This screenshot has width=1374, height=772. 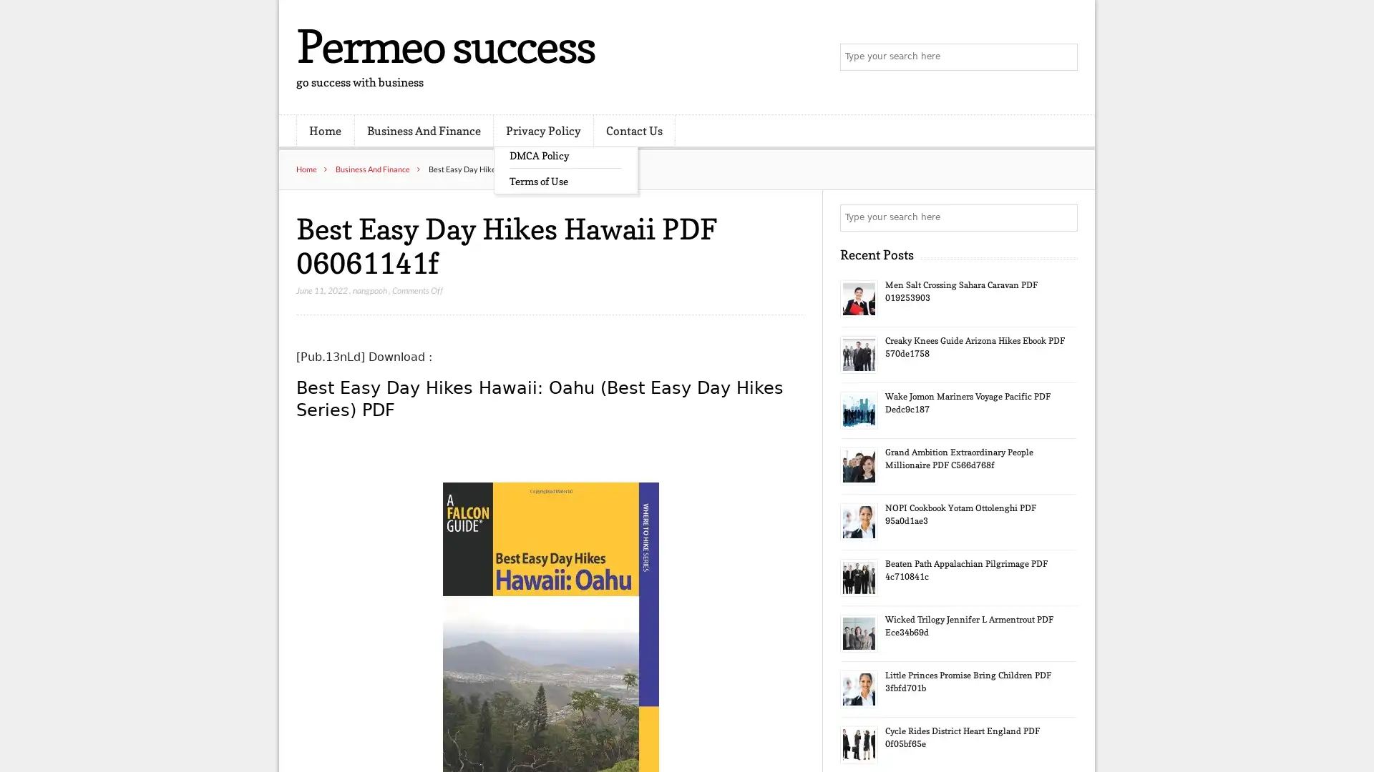 I want to click on Search, so click(x=1063, y=57).